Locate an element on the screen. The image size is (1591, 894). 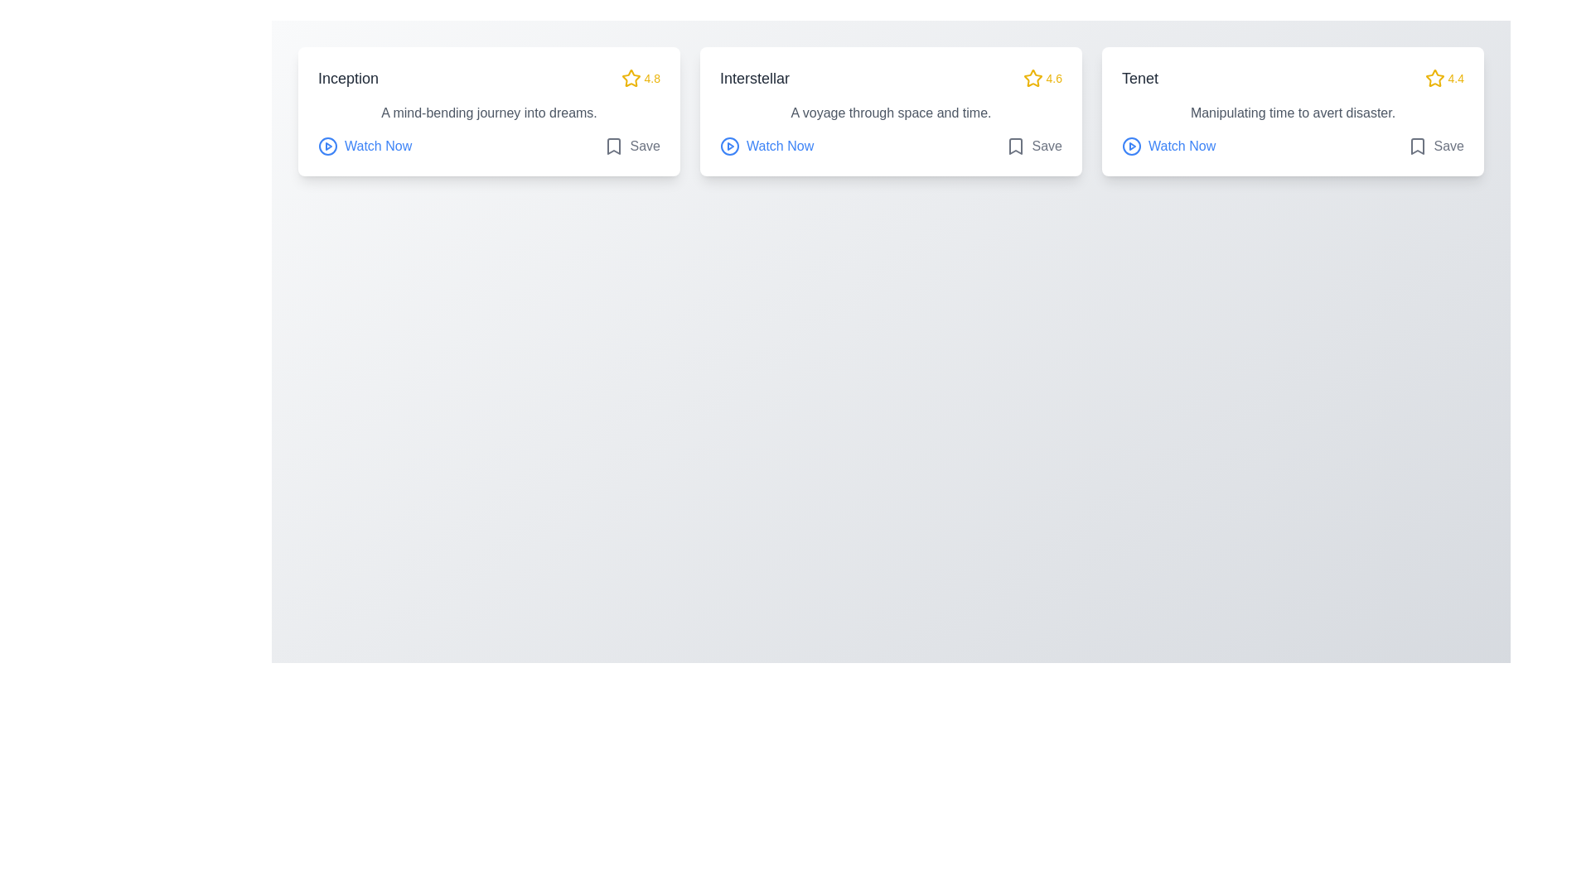
the text element displaying 'Manipulating time to avert disaster.' located beneath the title 'Tenet' in its card interface is located at coordinates (1292, 113).